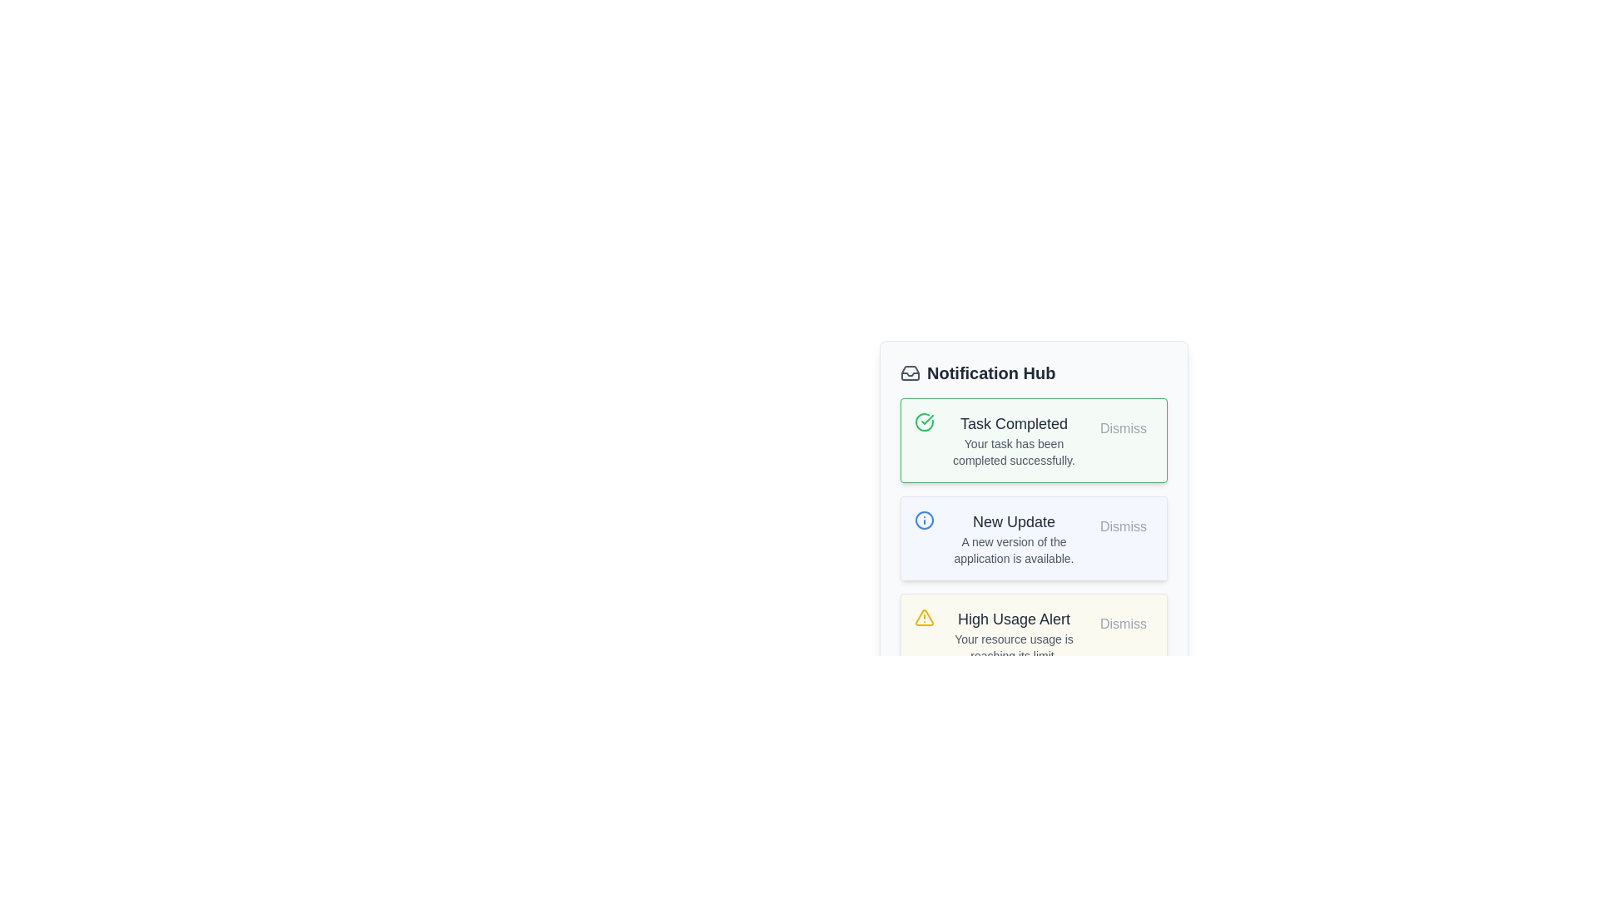 Image resolution: width=1598 pixels, height=898 pixels. What do you see at coordinates (923, 618) in the screenshot?
I see `the warning icon located at the top-left of the 'High Usage Alert' notification card to indicate its critical nature` at bounding box center [923, 618].